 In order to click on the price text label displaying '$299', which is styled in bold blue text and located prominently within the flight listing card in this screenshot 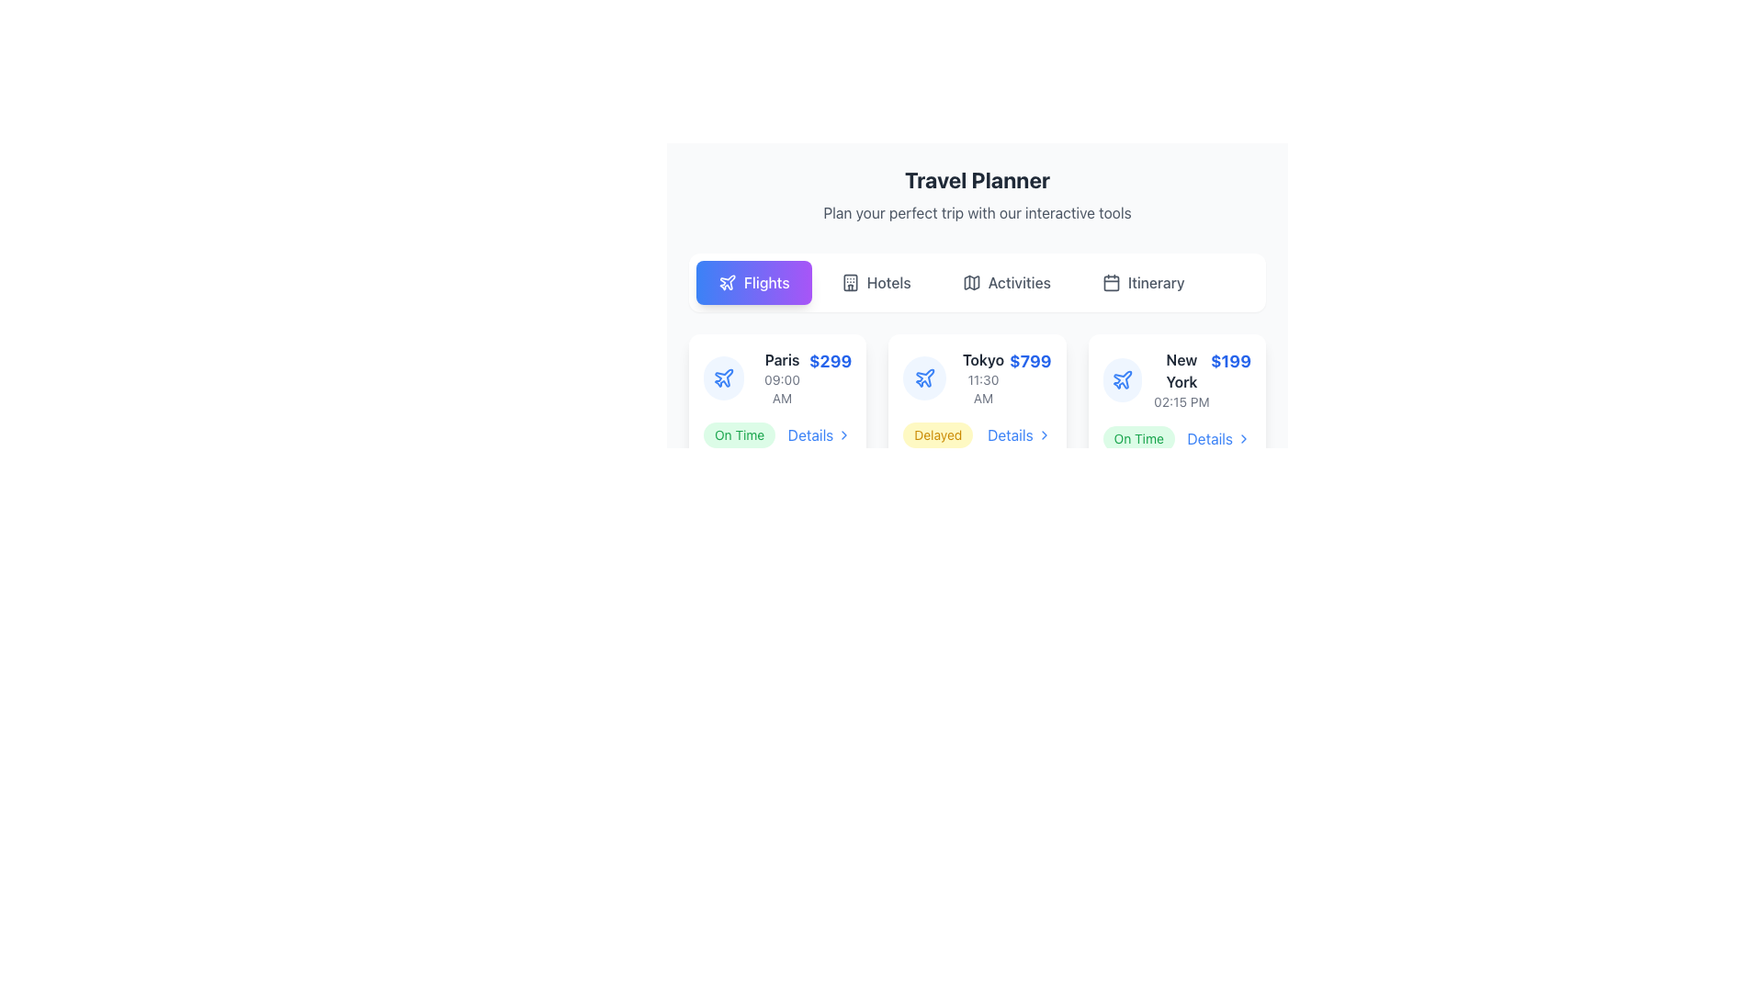, I will do `click(830, 361)`.